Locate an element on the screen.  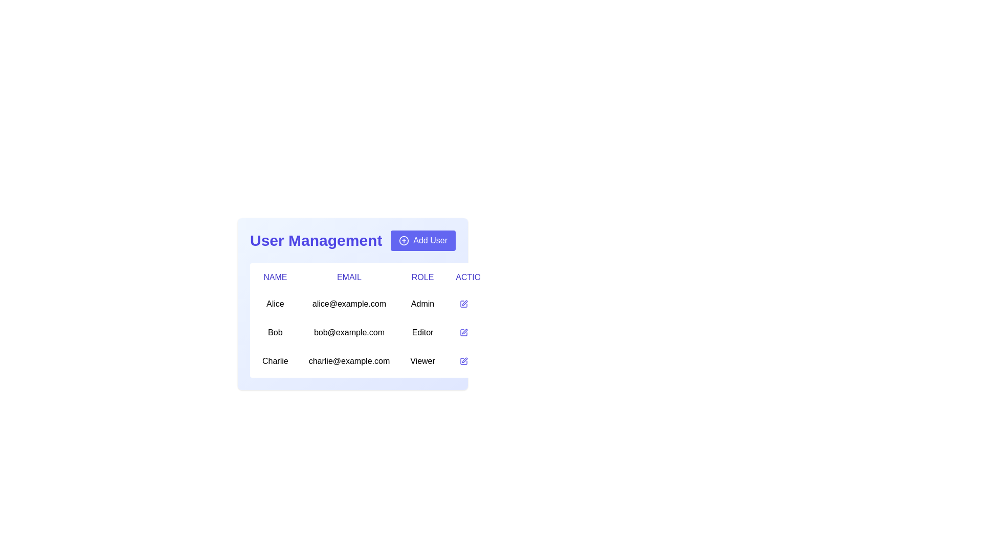
the pencil icon in the 'Actions' column of the 'User Management' table for user 'Charlie' is located at coordinates (464, 360).